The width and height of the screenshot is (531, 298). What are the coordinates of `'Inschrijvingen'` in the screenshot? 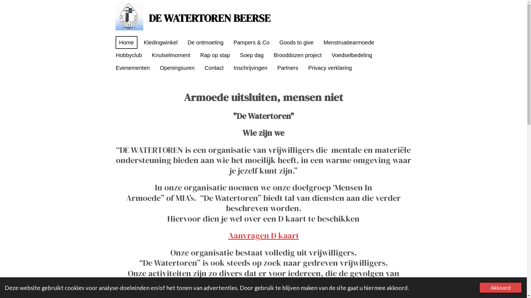 It's located at (250, 68).